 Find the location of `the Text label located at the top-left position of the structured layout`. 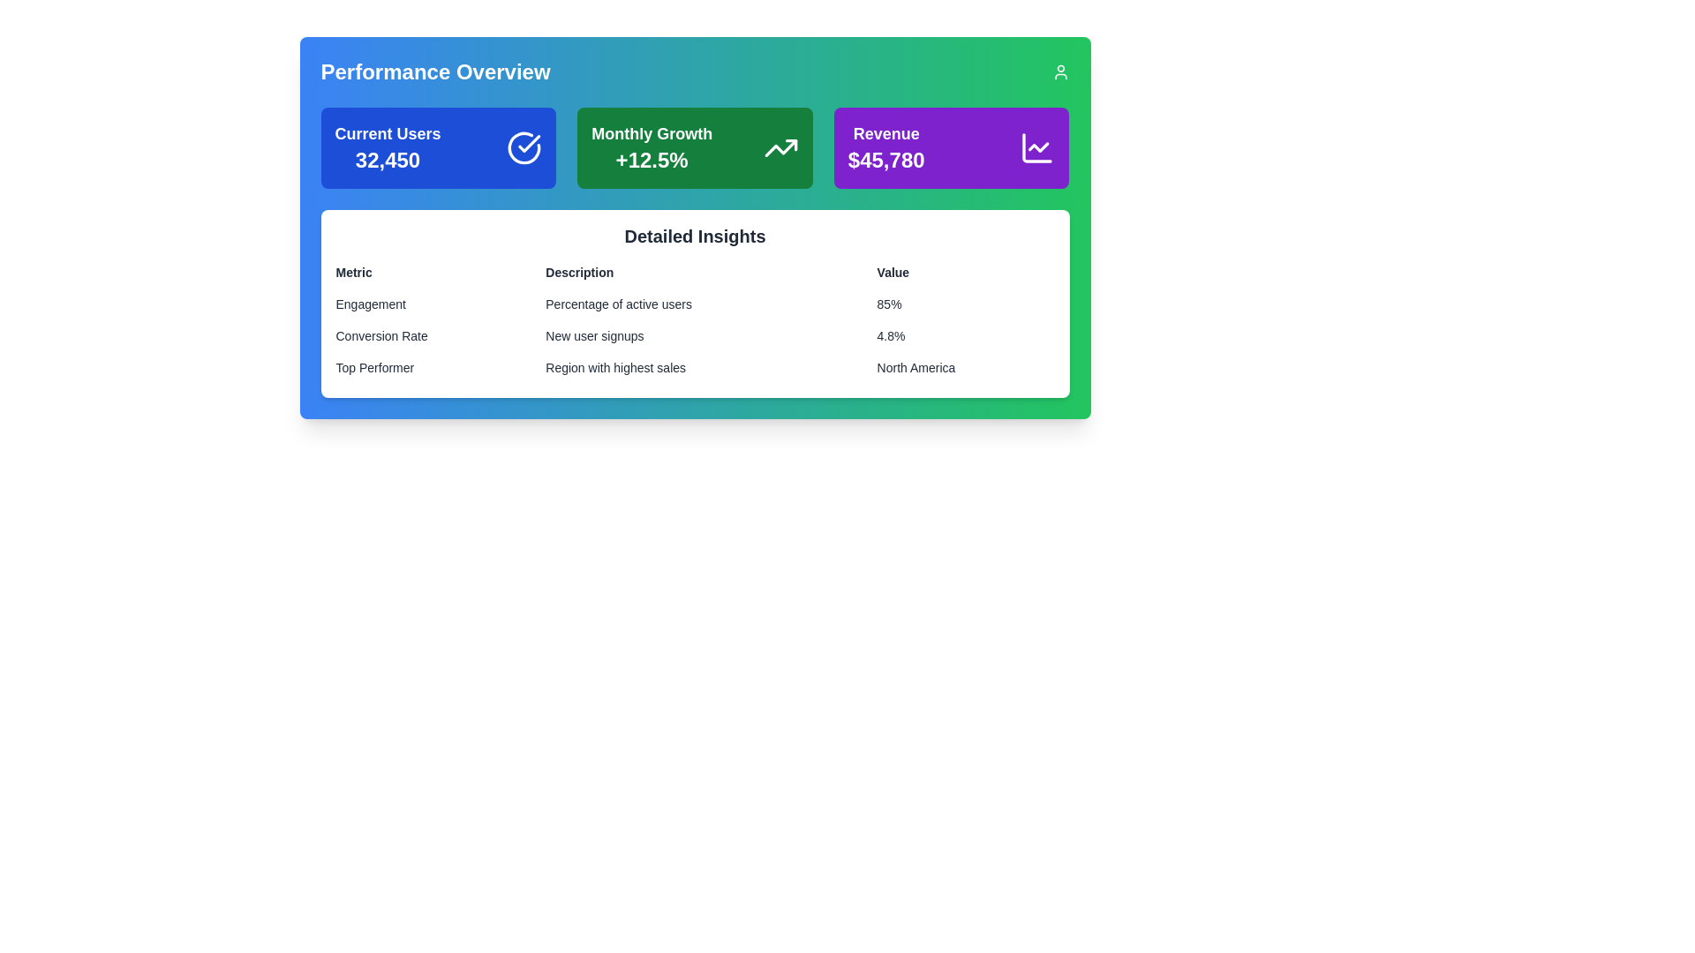

the Text label located at the top-left position of the structured layout is located at coordinates (440, 275).